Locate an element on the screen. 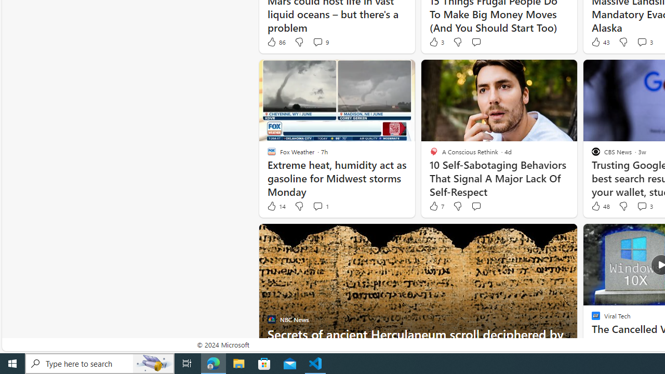 The width and height of the screenshot is (665, 374). '3 Like' is located at coordinates (436, 42).